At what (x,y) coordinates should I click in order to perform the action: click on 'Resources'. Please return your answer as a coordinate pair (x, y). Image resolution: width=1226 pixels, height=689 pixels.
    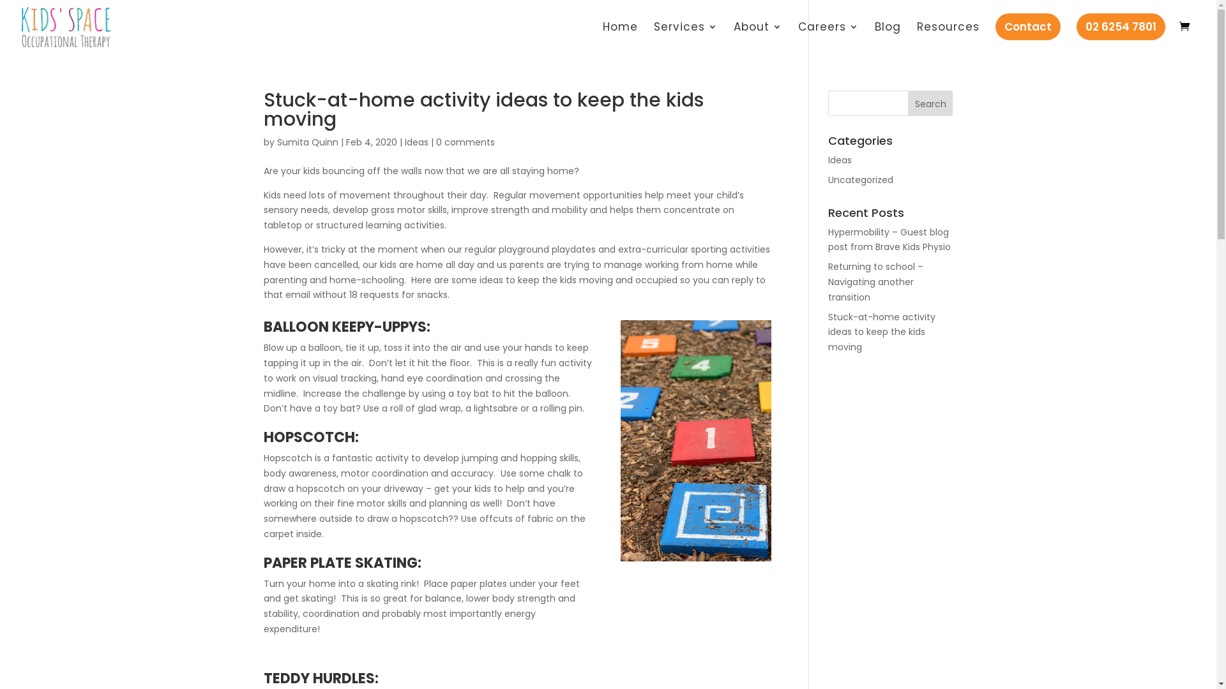
    Looking at the image, I should click on (948, 36).